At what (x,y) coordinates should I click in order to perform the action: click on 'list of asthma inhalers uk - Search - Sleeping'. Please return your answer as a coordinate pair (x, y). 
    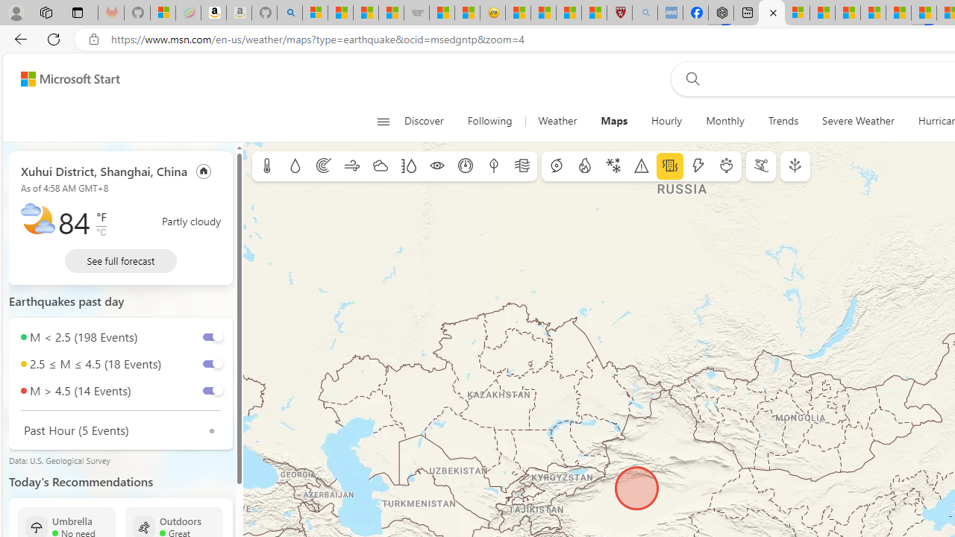
    Looking at the image, I should click on (645, 13).